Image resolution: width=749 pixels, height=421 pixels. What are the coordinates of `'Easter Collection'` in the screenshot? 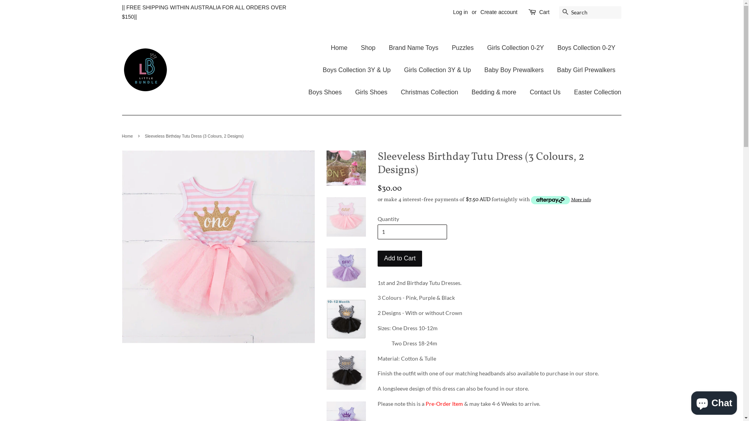 It's located at (595, 92).